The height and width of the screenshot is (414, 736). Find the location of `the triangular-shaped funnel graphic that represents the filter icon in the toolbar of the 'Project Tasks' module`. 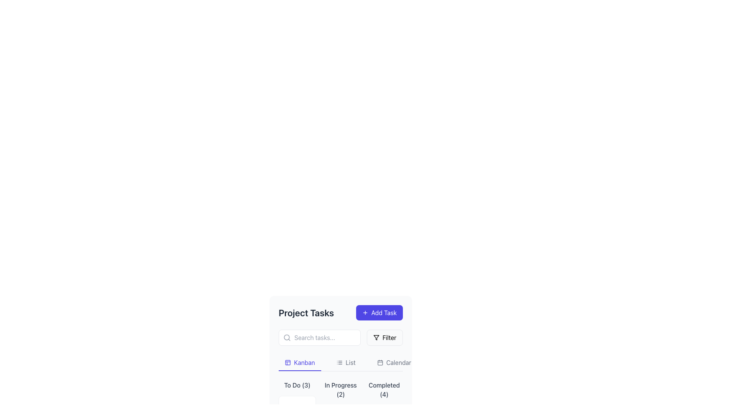

the triangular-shaped funnel graphic that represents the filter icon in the toolbar of the 'Project Tasks' module is located at coordinates (376, 337).